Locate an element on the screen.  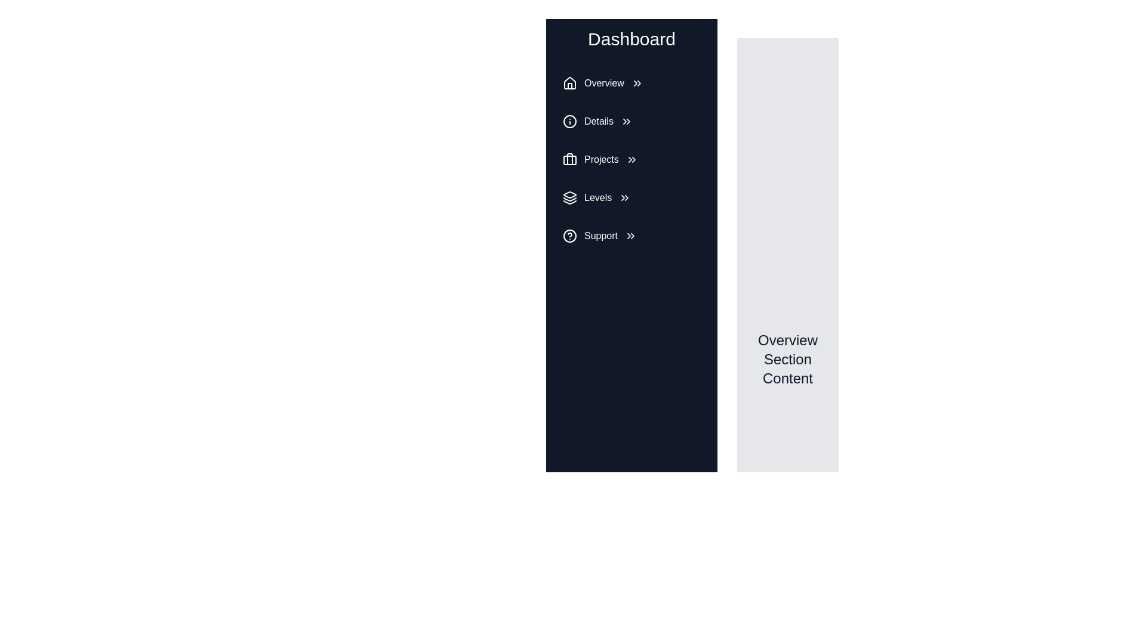
the SVG Icon indicator for the 'Support' navigation item in the sidebar menu, positioned to the right of the text 'Support' is located at coordinates (630, 236).